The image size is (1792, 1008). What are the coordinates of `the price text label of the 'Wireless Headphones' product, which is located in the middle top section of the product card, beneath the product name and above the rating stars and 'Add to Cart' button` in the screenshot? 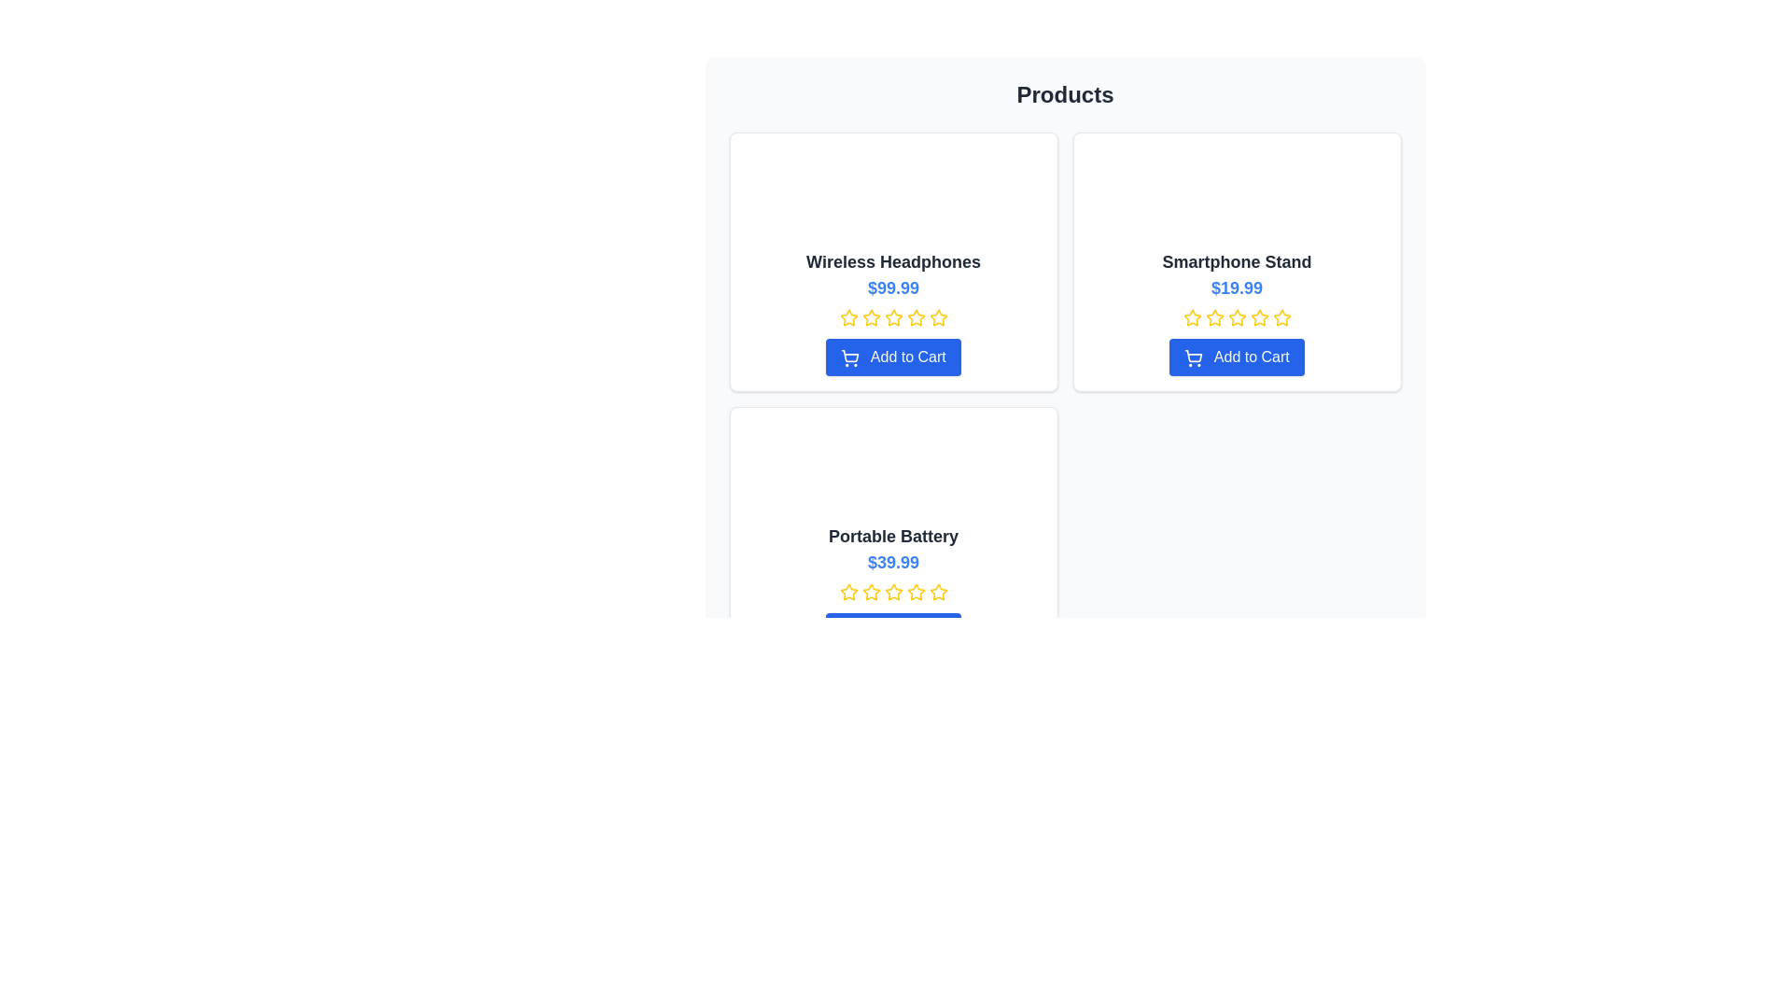 It's located at (892, 287).